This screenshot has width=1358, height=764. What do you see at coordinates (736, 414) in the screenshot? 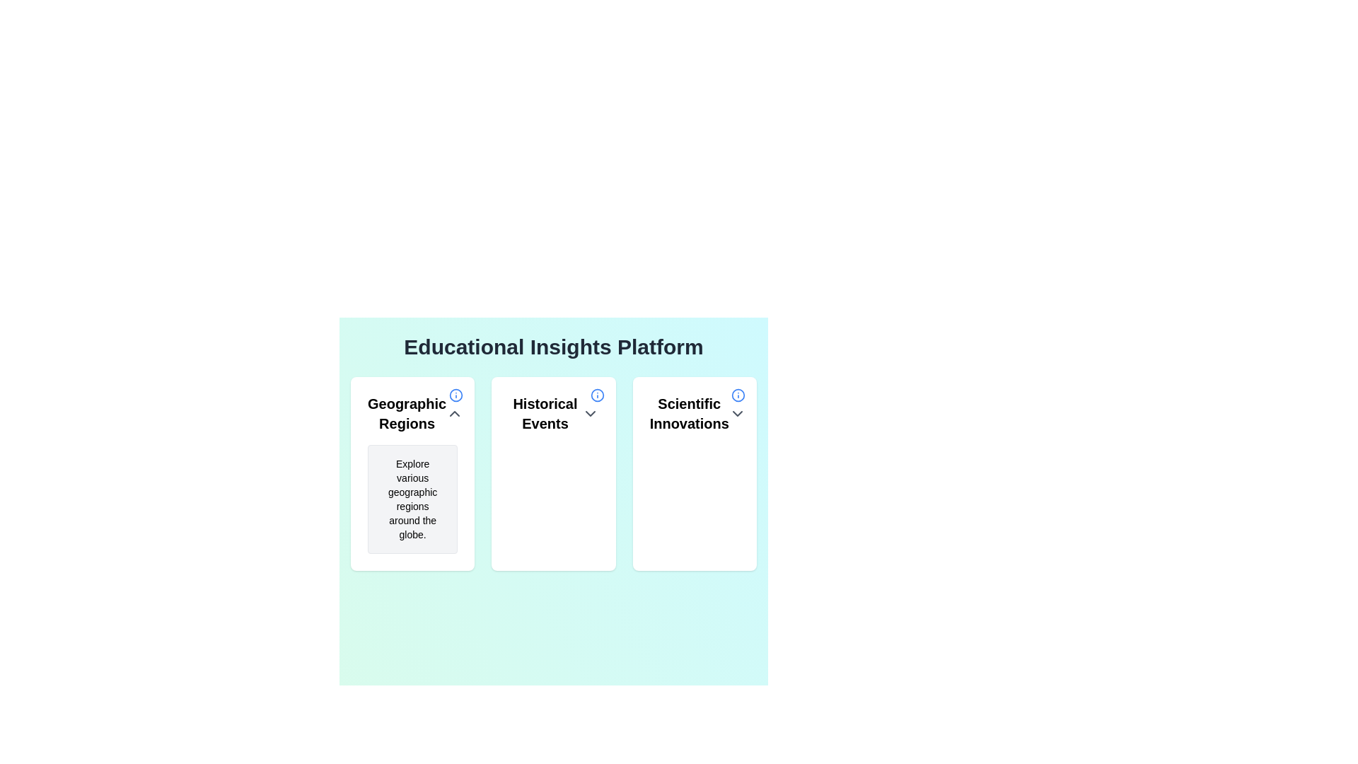
I see `the small downward-pointing chevron icon of the Dropdown toggle located in the header section of the 'Scientific Innovations' card` at bounding box center [736, 414].